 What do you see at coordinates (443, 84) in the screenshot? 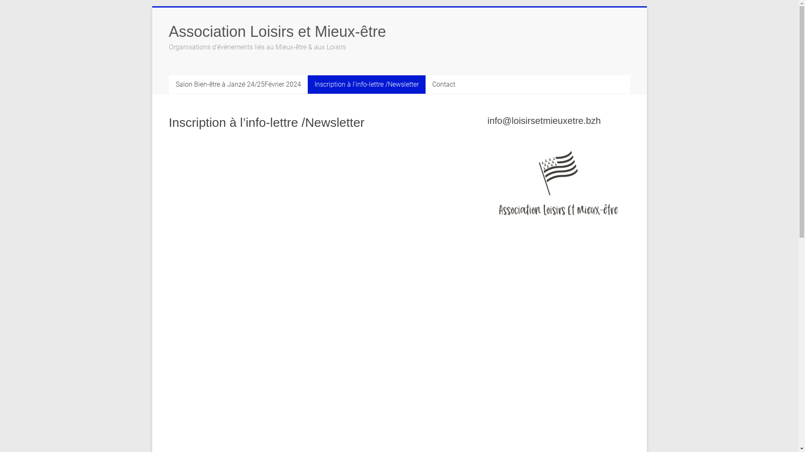
I see `'Contact'` at bounding box center [443, 84].